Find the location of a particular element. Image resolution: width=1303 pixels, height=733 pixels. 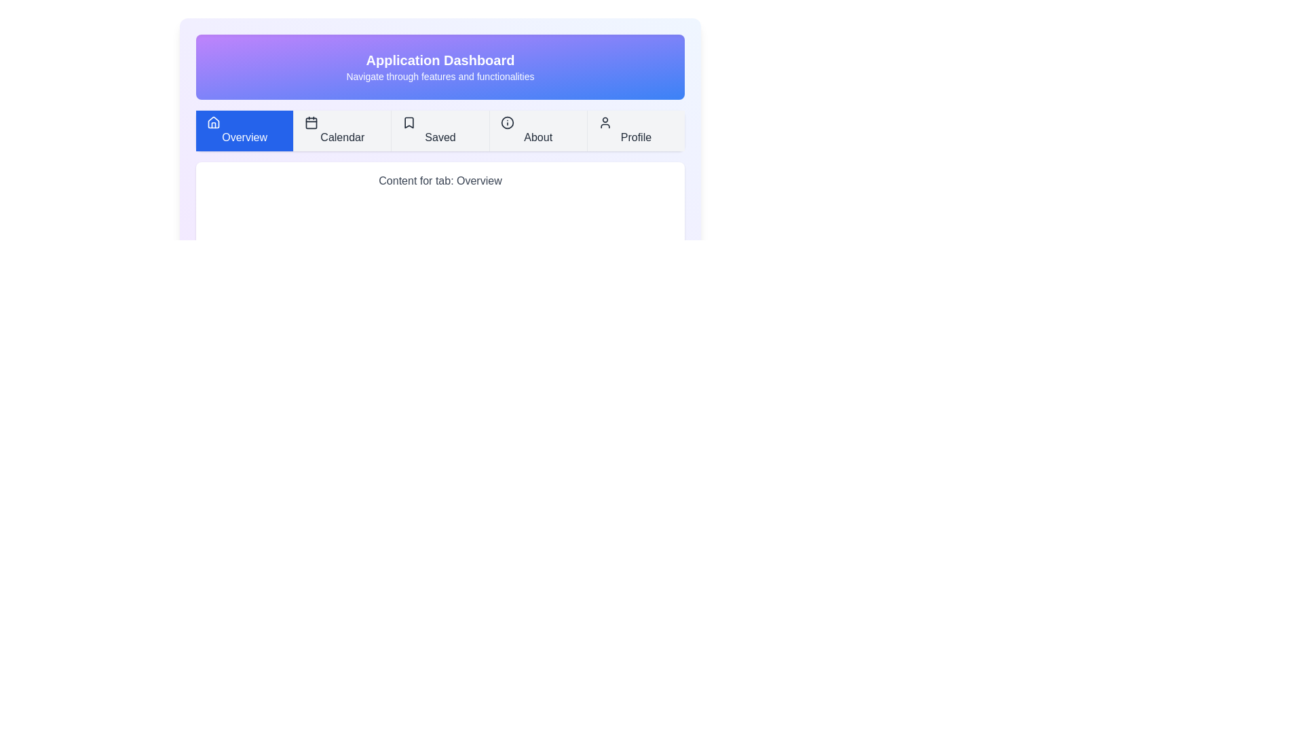

the decorative circular icon styled as an outline of a circle with a dot inside, located in the 'About' tab of the navigation bar is located at coordinates (506, 123).